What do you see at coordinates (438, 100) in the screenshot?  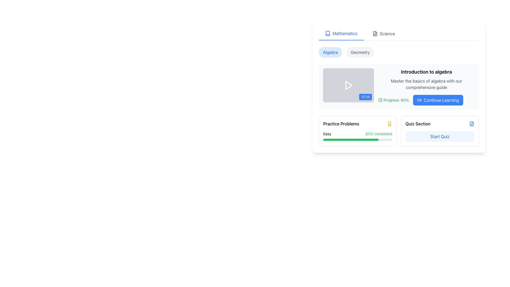 I see `the button located at the bottom right of the content box, following the green progress indicator labeled 'Progress: 60%'` at bounding box center [438, 100].